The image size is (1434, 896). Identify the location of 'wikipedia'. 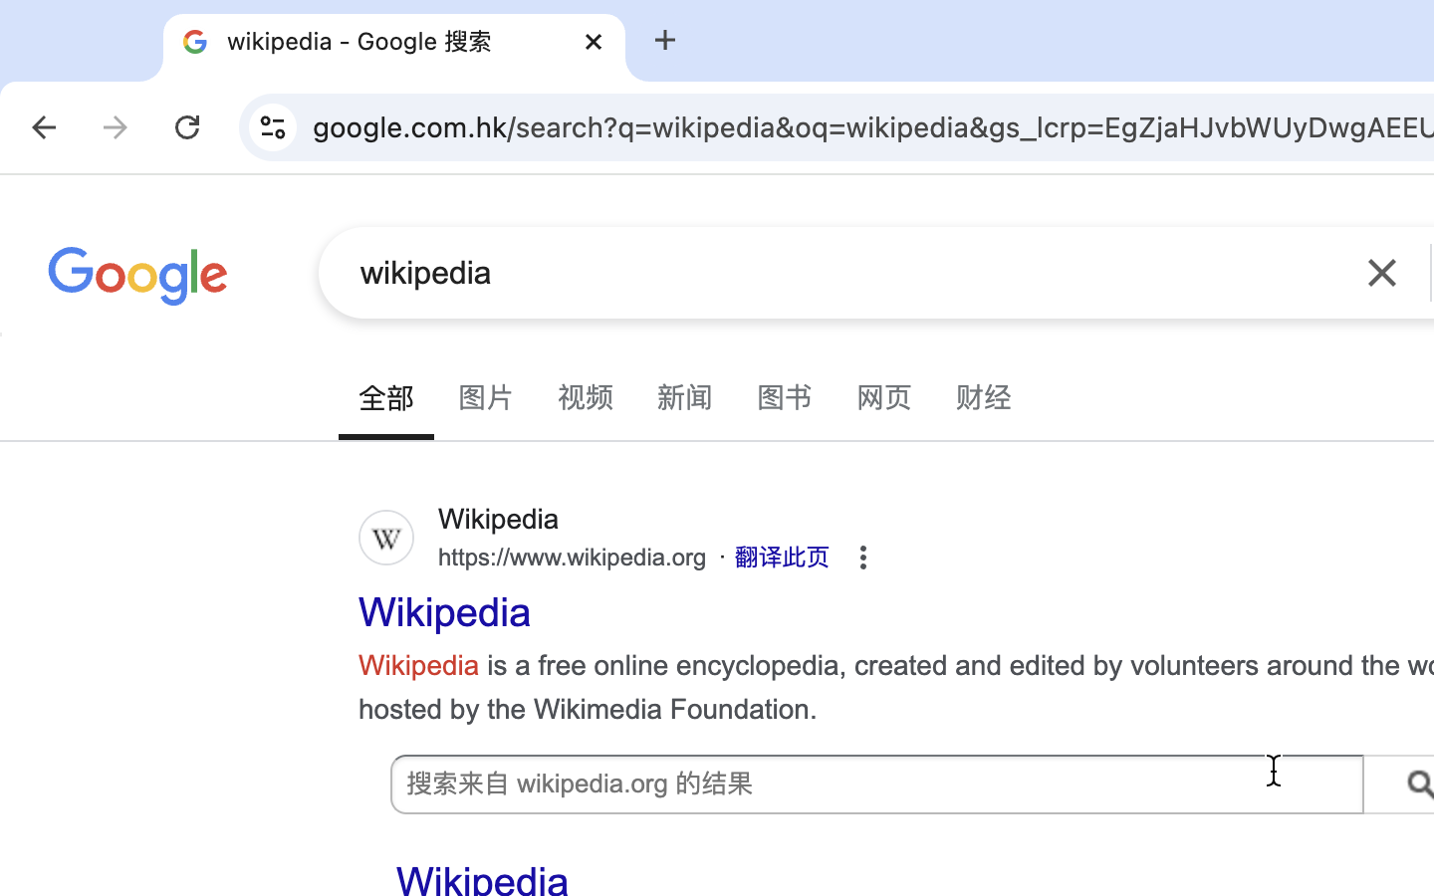
(846, 271).